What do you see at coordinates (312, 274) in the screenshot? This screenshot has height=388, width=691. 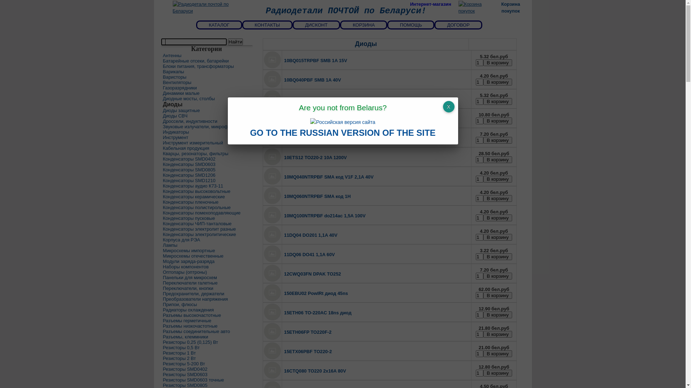 I see `'12CWQ03FN DPAK TO252'` at bounding box center [312, 274].